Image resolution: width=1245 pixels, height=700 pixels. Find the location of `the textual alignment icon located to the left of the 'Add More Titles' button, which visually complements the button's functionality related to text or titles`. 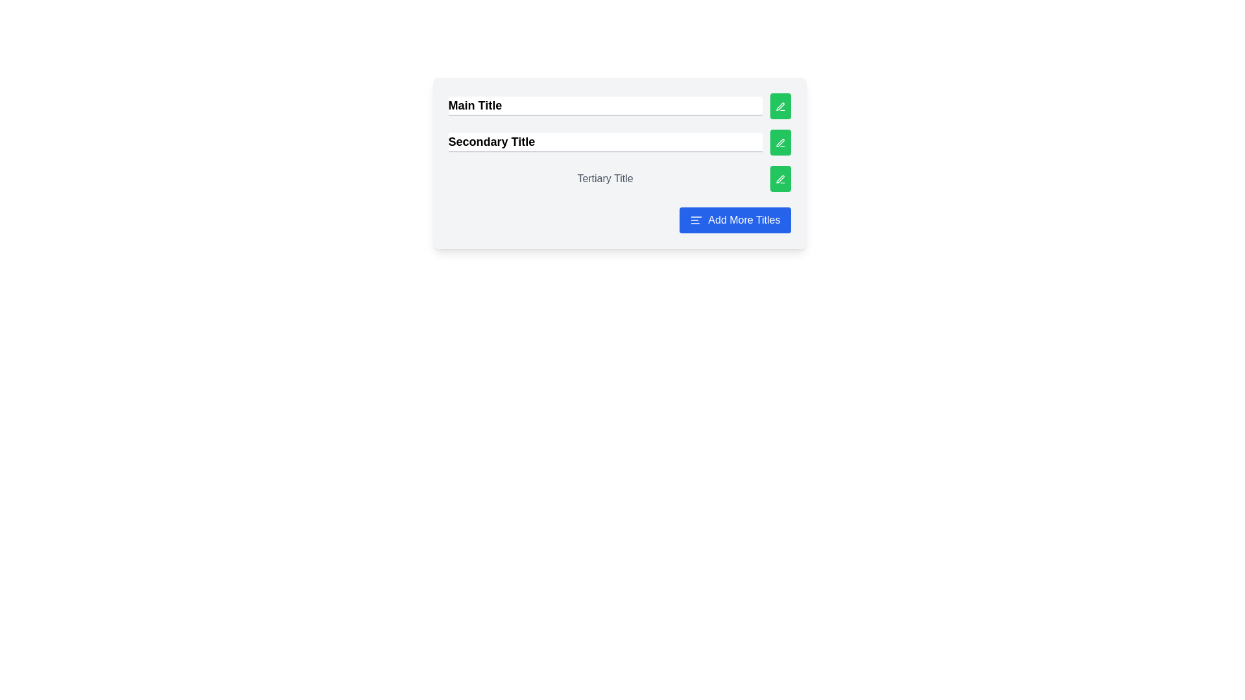

the textual alignment icon located to the left of the 'Add More Titles' button, which visually complements the button's functionality related to text or titles is located at coordinates (696, 219).